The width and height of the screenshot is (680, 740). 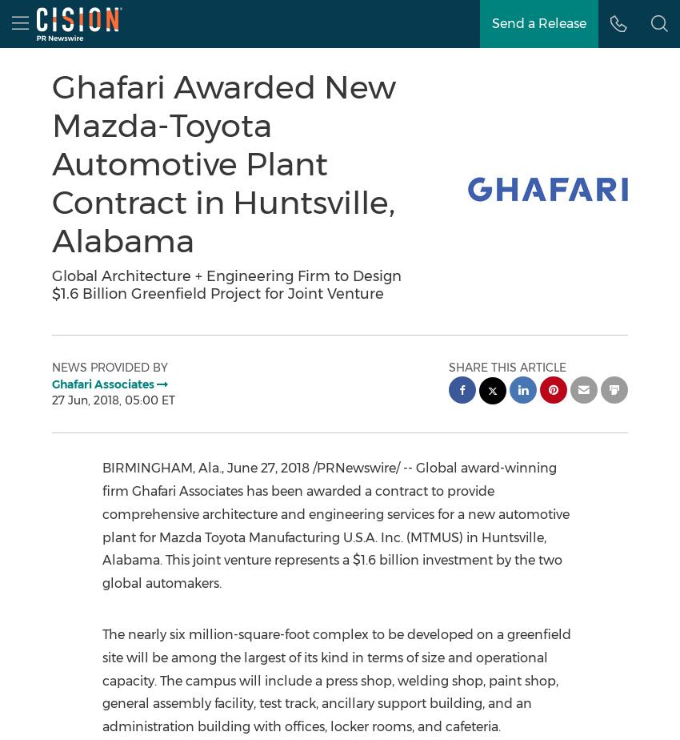 What do you see at coordinates (114, 399) in the screenshot?
I see `'27 Jun, 2018, 05:00 ET'` at bounding box center [114, 399].